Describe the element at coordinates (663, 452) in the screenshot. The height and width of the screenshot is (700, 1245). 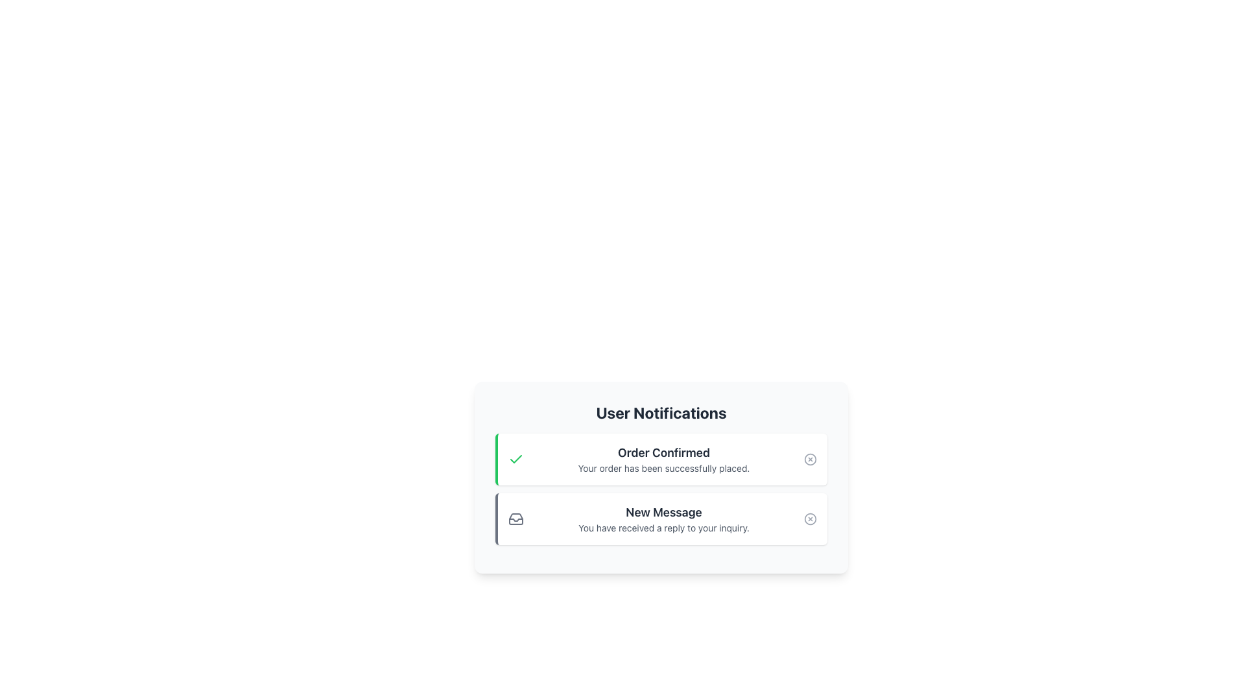
I see `the label indicating the successful confirmation of an order, which is located in the first notification card under 'User Notifications'` at that location.